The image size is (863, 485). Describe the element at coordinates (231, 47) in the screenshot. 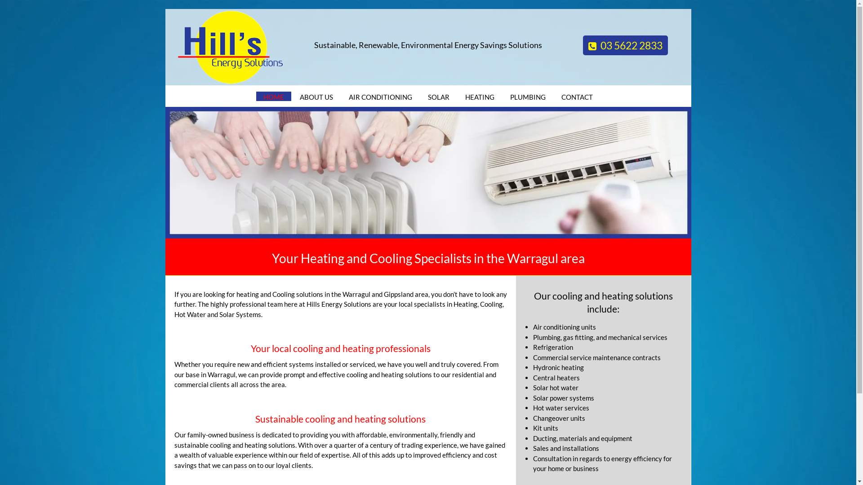

I see `'hills energy solutions business logo'` at that location.